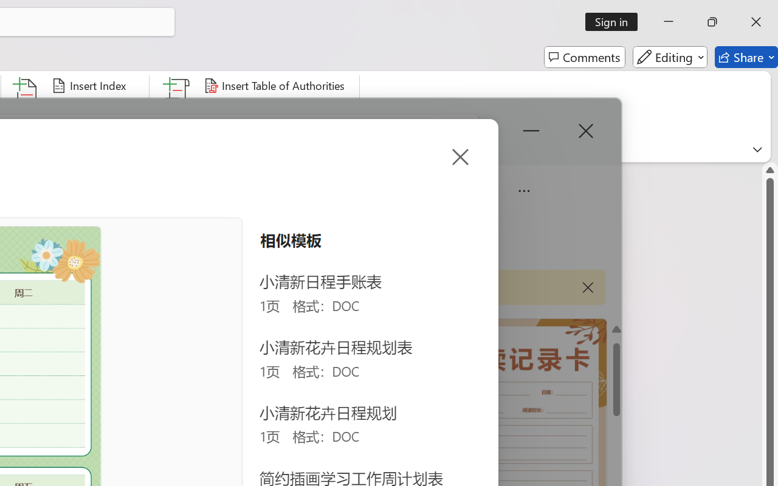 This screenshot has width=778, height=486. What do you see at coordinates (90, 86) in the screenshot?
I see `'Insert Index...'` at bounding box center [90, 86].